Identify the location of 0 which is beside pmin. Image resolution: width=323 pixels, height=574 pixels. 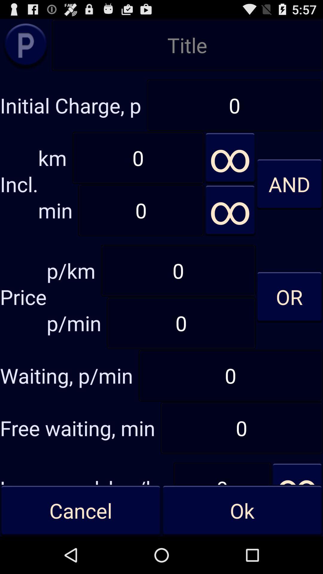
(181, 323).